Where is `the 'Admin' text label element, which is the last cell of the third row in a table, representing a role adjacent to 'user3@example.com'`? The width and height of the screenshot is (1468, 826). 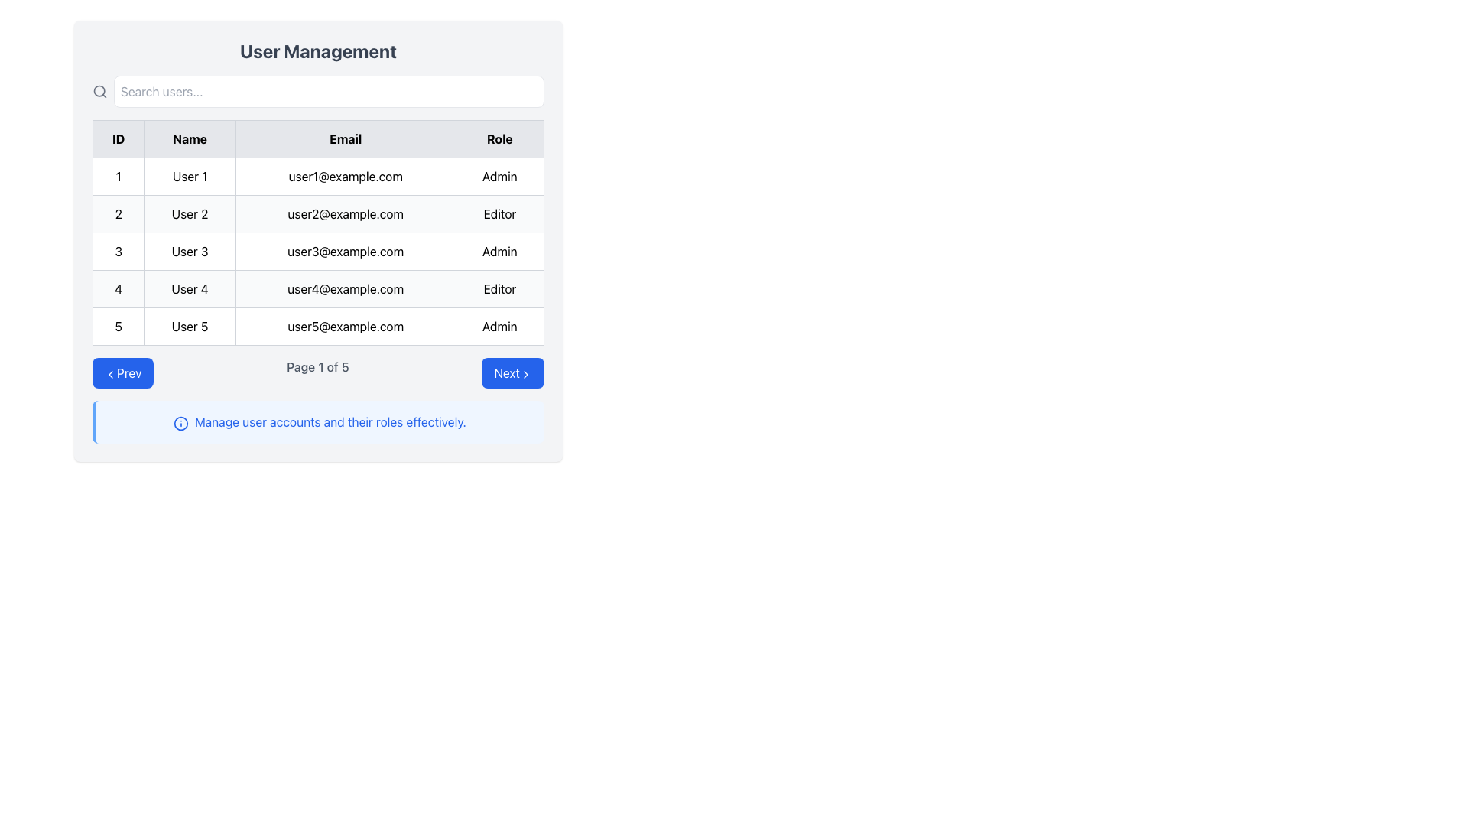
the 'Admin' text label element, which is the last cell of the third row in a table, representing a role adjacent to 'user3@example.com' is located at coordinates (499, 250).